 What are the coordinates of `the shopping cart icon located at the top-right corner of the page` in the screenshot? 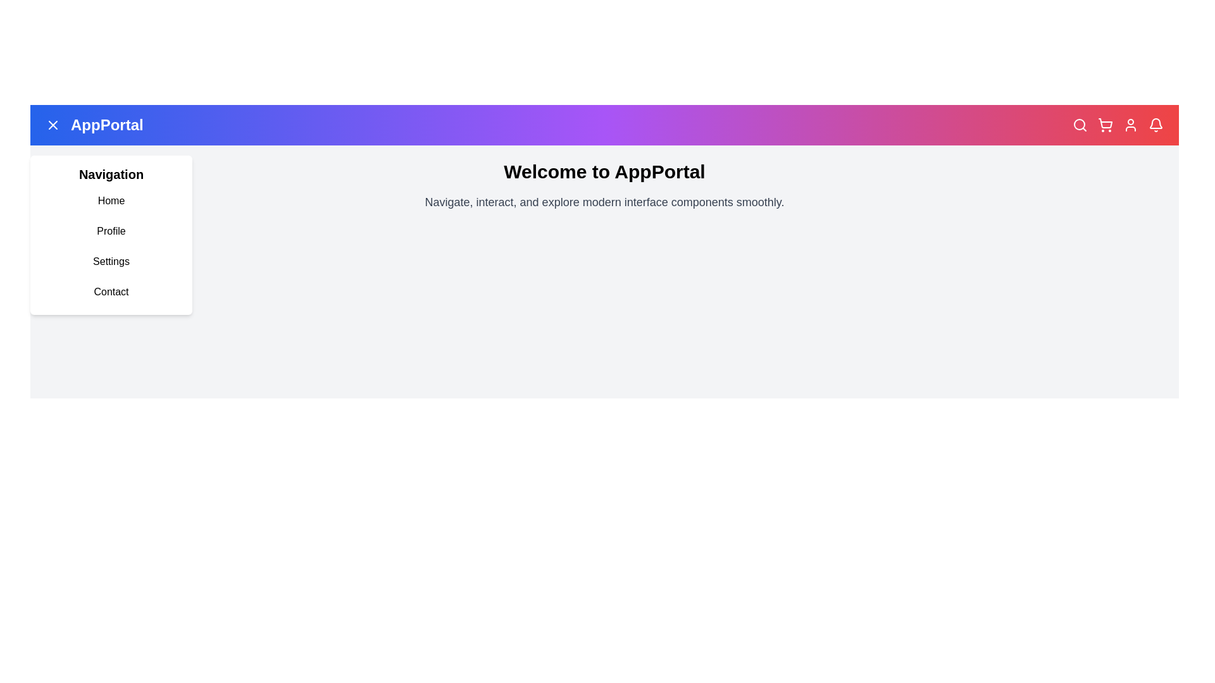 It's located at (1105, 125).